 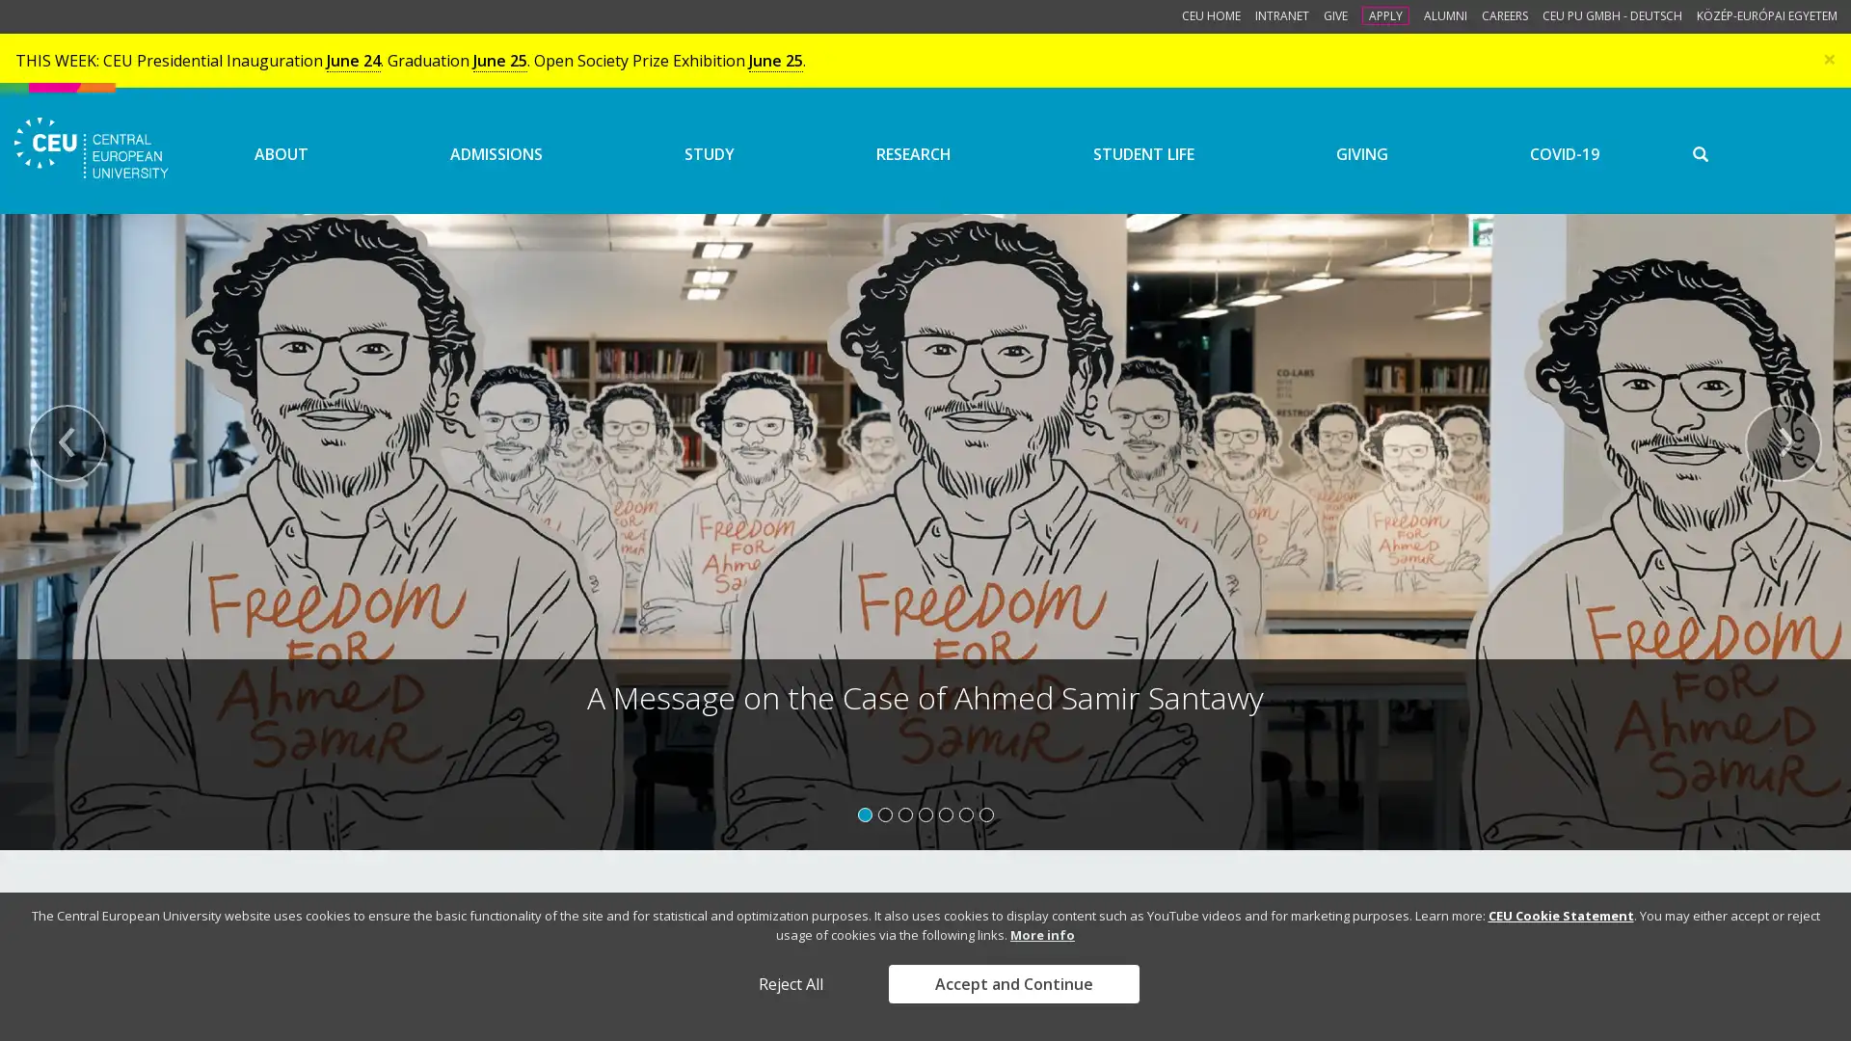 I want to click on Accept and Continue, so click(x=1012, y=984).